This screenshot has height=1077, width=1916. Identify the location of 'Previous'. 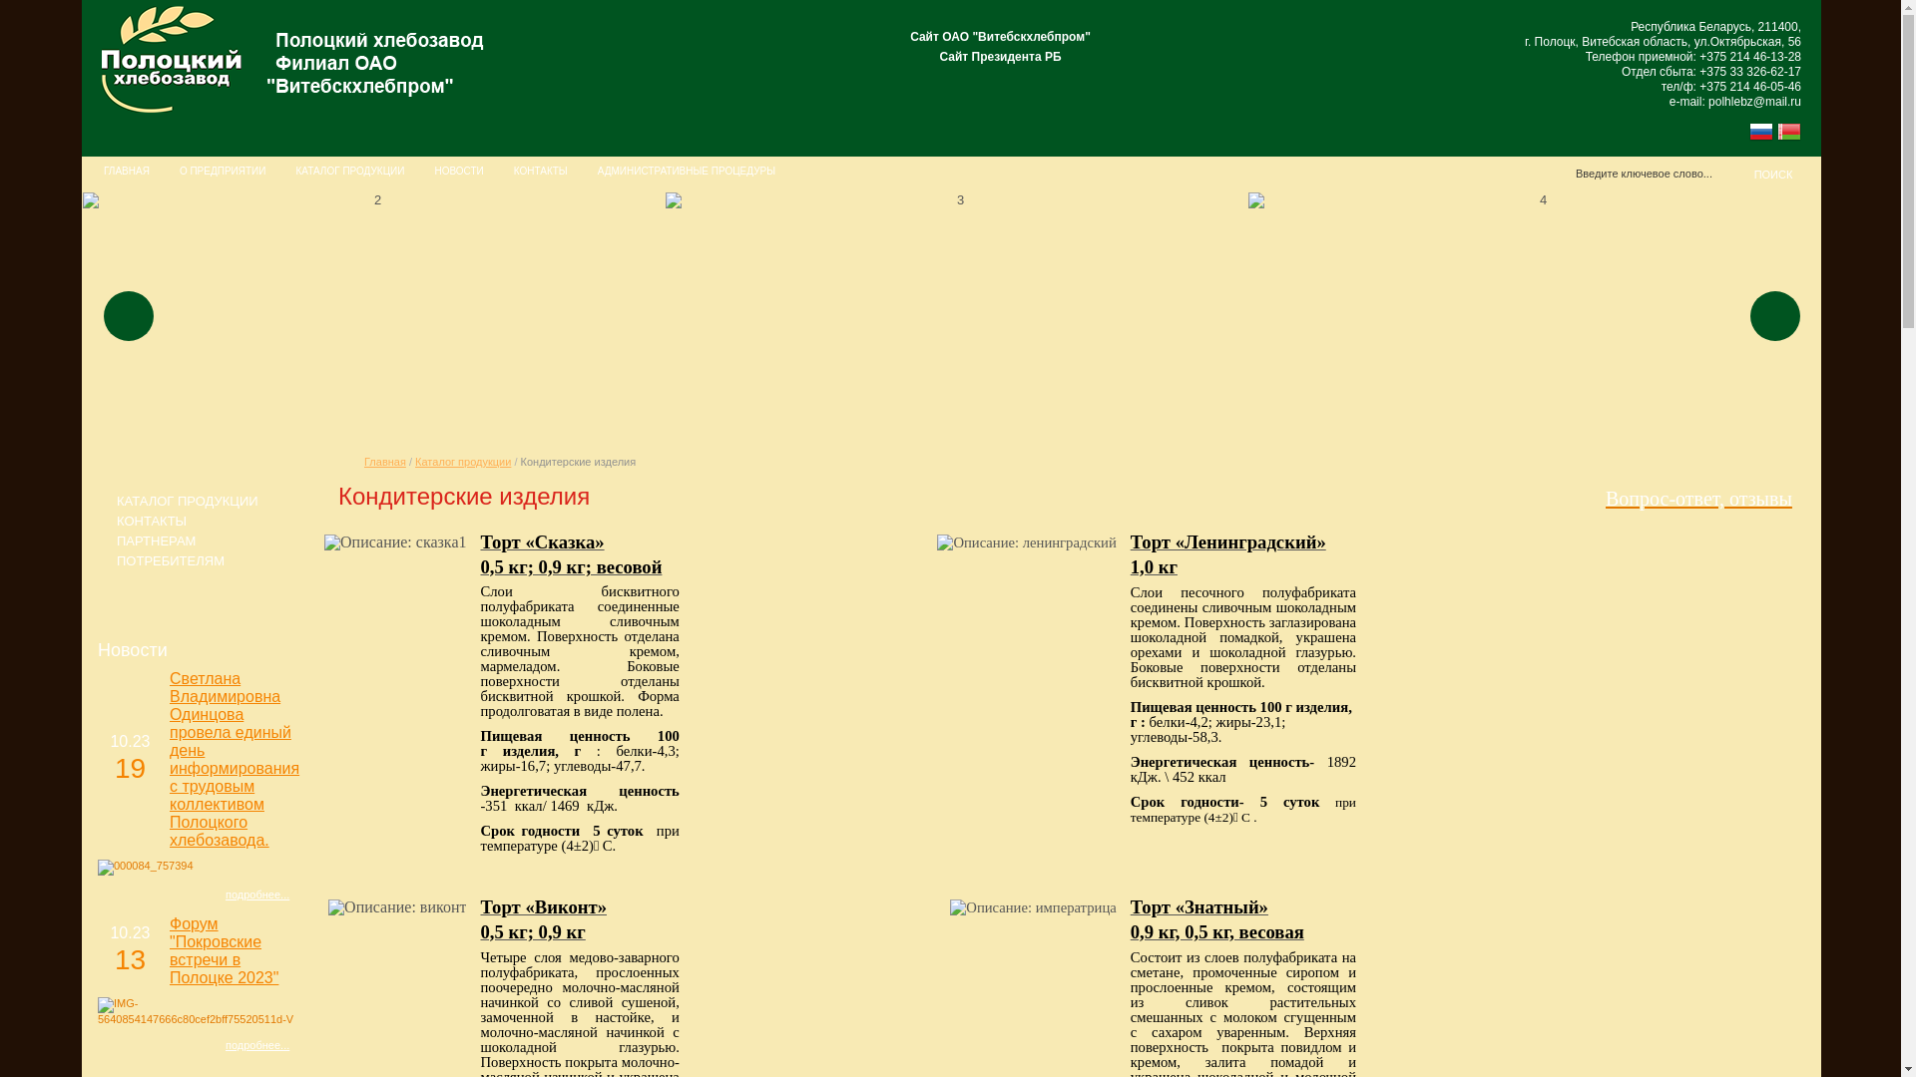
(128, 314).